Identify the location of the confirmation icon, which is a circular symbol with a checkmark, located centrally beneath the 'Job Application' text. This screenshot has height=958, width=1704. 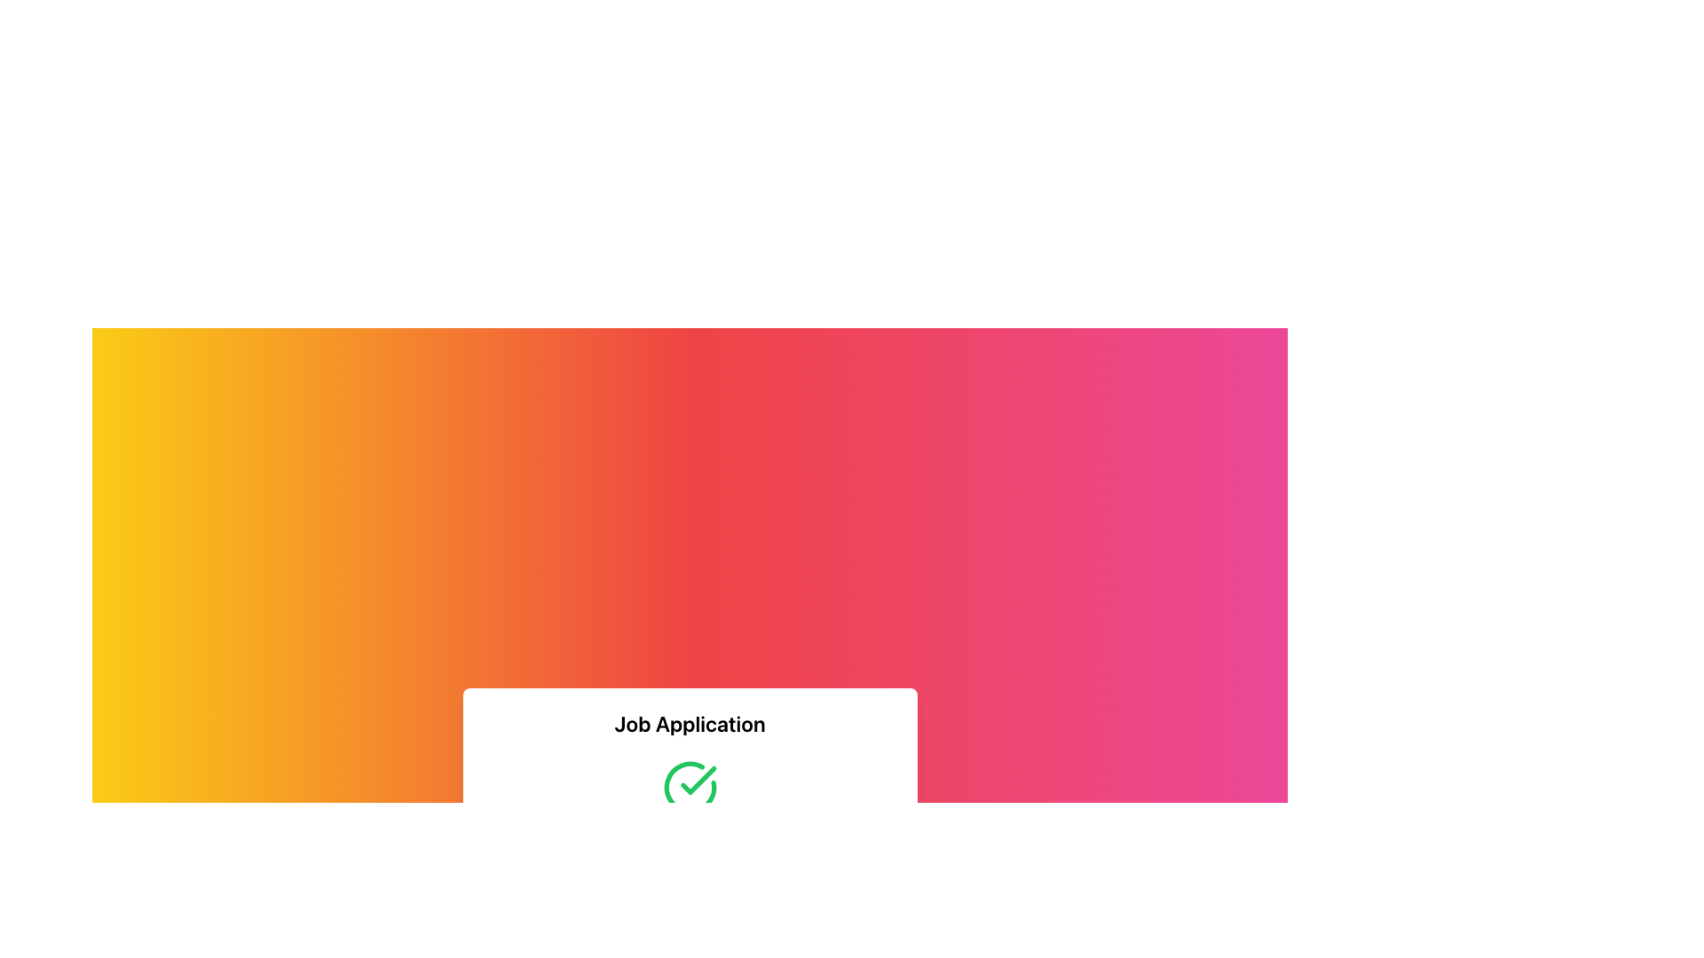
(689, 786).